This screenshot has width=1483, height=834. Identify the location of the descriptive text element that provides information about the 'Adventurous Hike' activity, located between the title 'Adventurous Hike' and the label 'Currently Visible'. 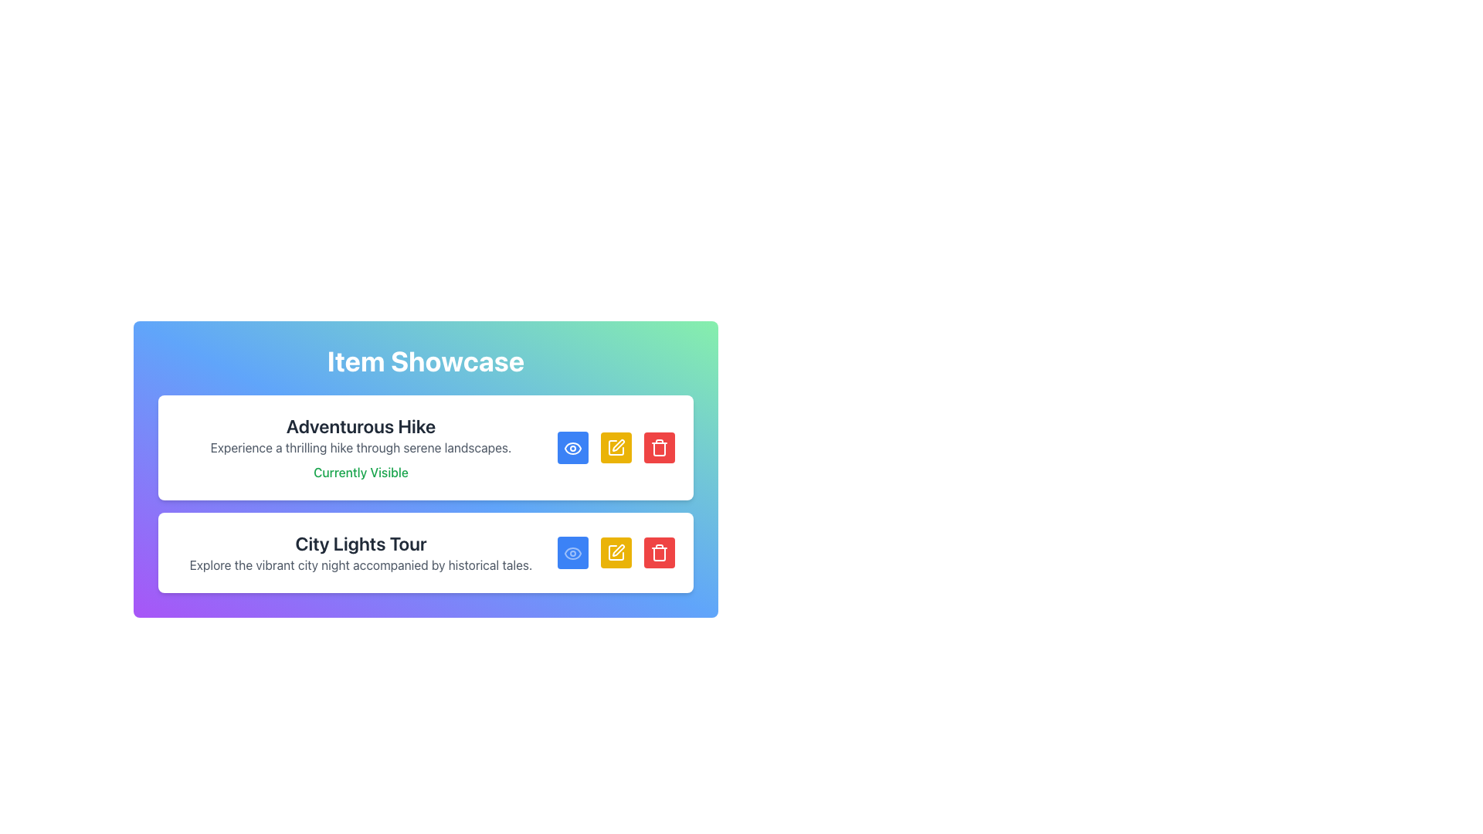
(360, 447).